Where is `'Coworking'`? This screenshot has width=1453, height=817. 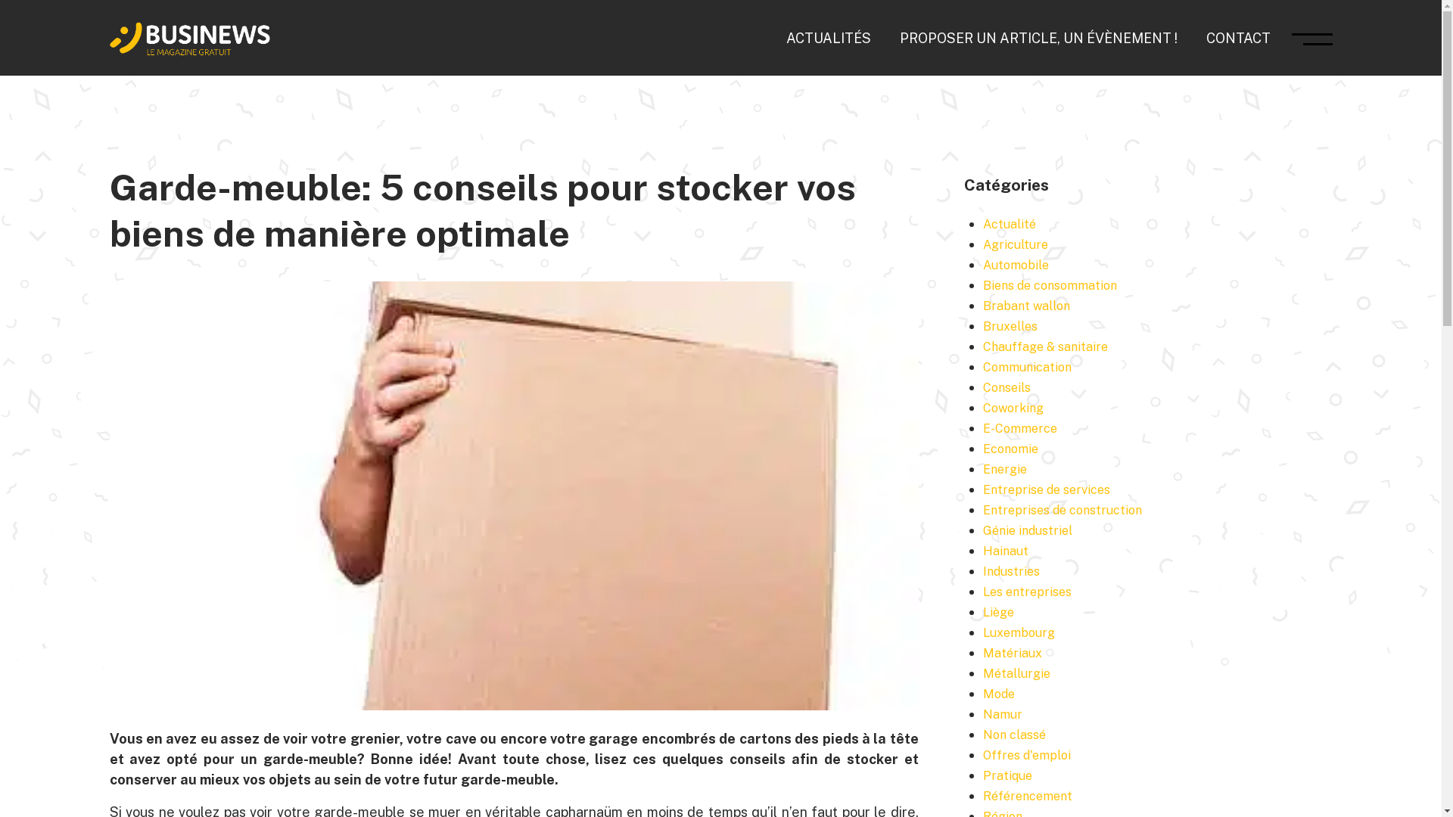 'Coworking' is located at coordinates (983, 407).